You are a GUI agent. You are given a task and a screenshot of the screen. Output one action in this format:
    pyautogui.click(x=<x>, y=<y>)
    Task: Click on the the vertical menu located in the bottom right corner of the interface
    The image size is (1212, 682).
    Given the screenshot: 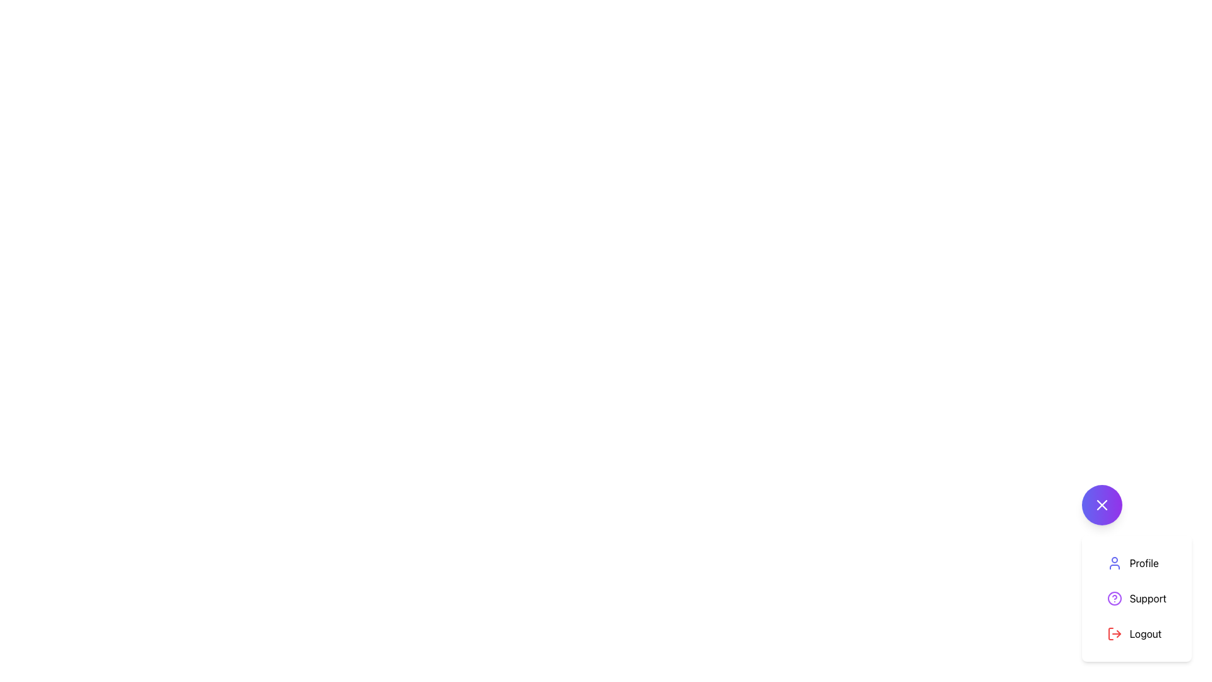 What is the action you would take?
    pyautogui.click(x=1136, y=598)
    